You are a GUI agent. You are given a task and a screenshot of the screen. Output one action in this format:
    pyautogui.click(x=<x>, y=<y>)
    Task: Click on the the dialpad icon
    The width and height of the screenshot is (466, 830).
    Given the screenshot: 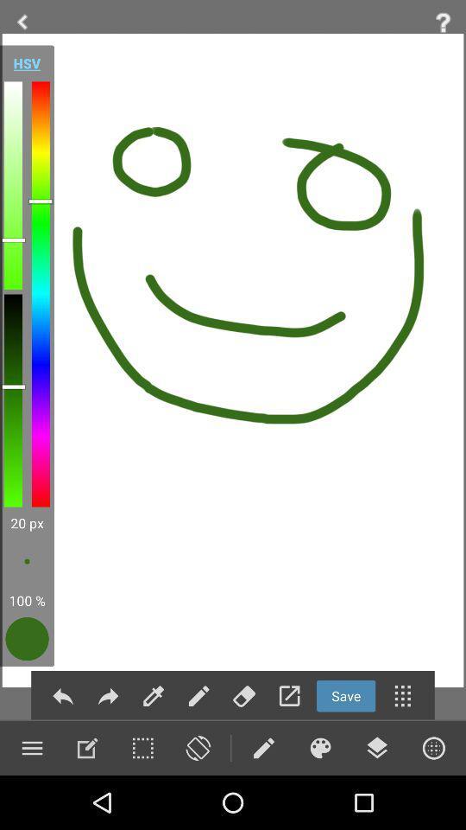 What is the action you would take?
    pyautogui.click(x=402, y=696)
    